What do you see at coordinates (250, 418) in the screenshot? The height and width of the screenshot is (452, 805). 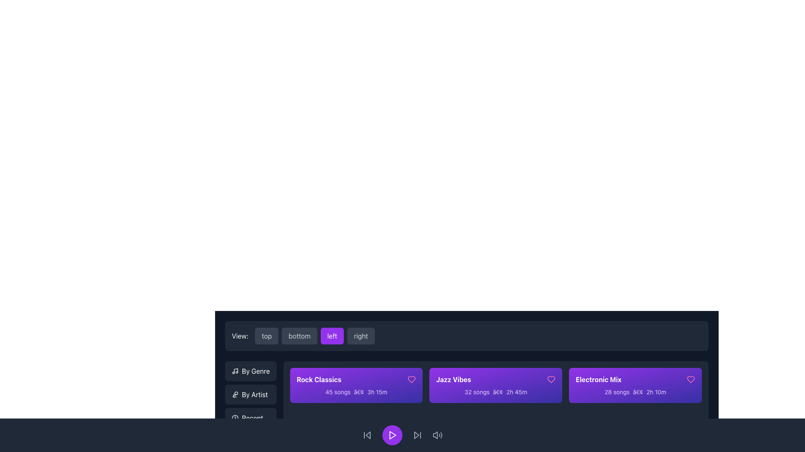 I see `the 'Recent' filter button located at the bottom-left side of the interface, which is the third button in the vertical button group including 'By Genre' and 'By Artist'` at bounding box center [250, 418].